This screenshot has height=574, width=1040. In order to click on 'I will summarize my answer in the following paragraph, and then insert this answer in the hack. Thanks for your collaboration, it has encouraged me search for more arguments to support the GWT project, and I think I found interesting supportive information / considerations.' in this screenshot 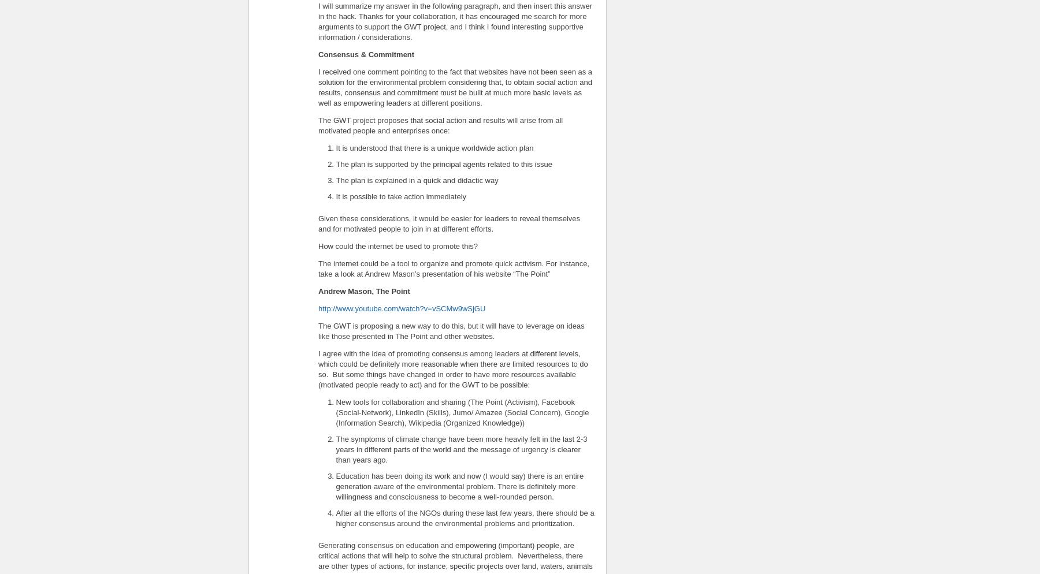, I will do `click(455, 21)`.